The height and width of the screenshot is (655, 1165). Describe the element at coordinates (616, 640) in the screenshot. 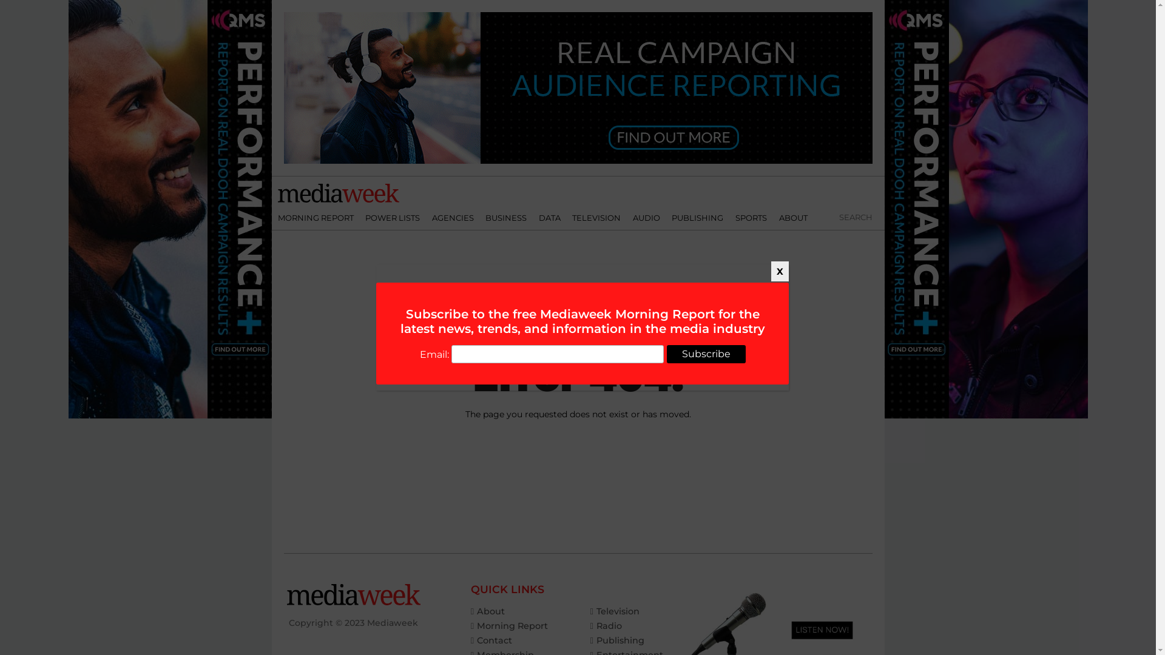

I see `'Publishing'` at that location.